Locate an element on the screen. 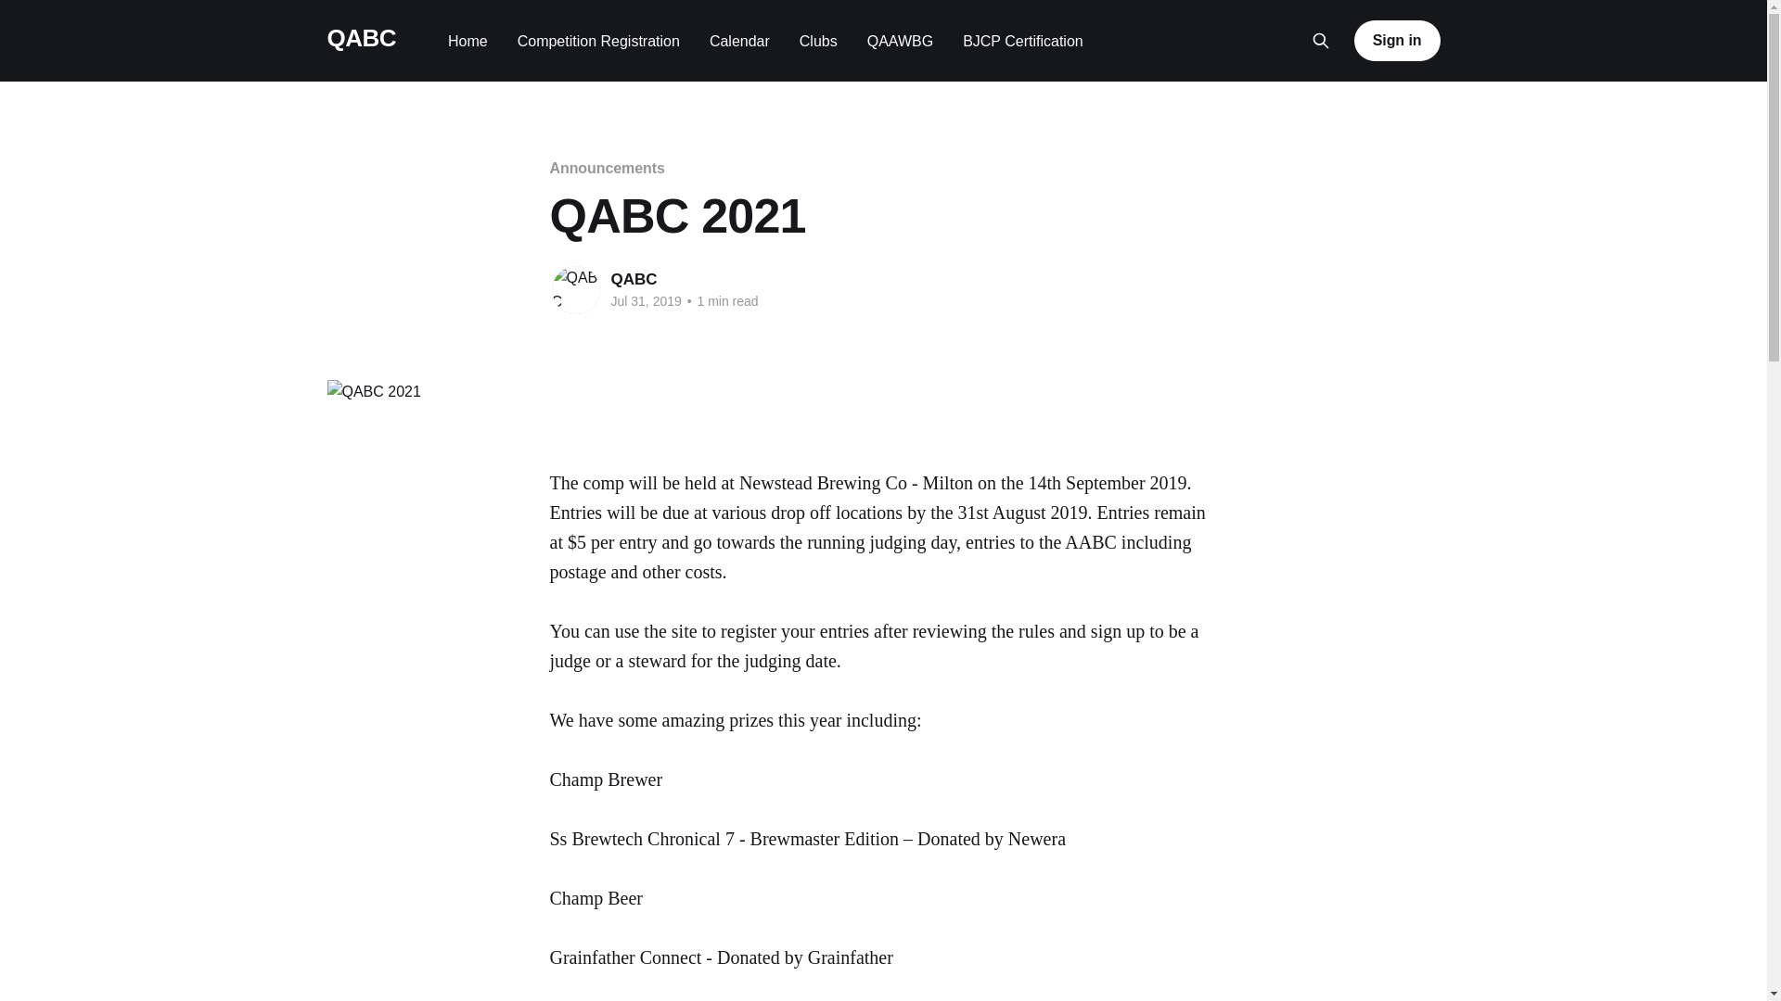 This screenshot has width=1781, height=1001. 'QABC' is located at coordinates (633, 279).